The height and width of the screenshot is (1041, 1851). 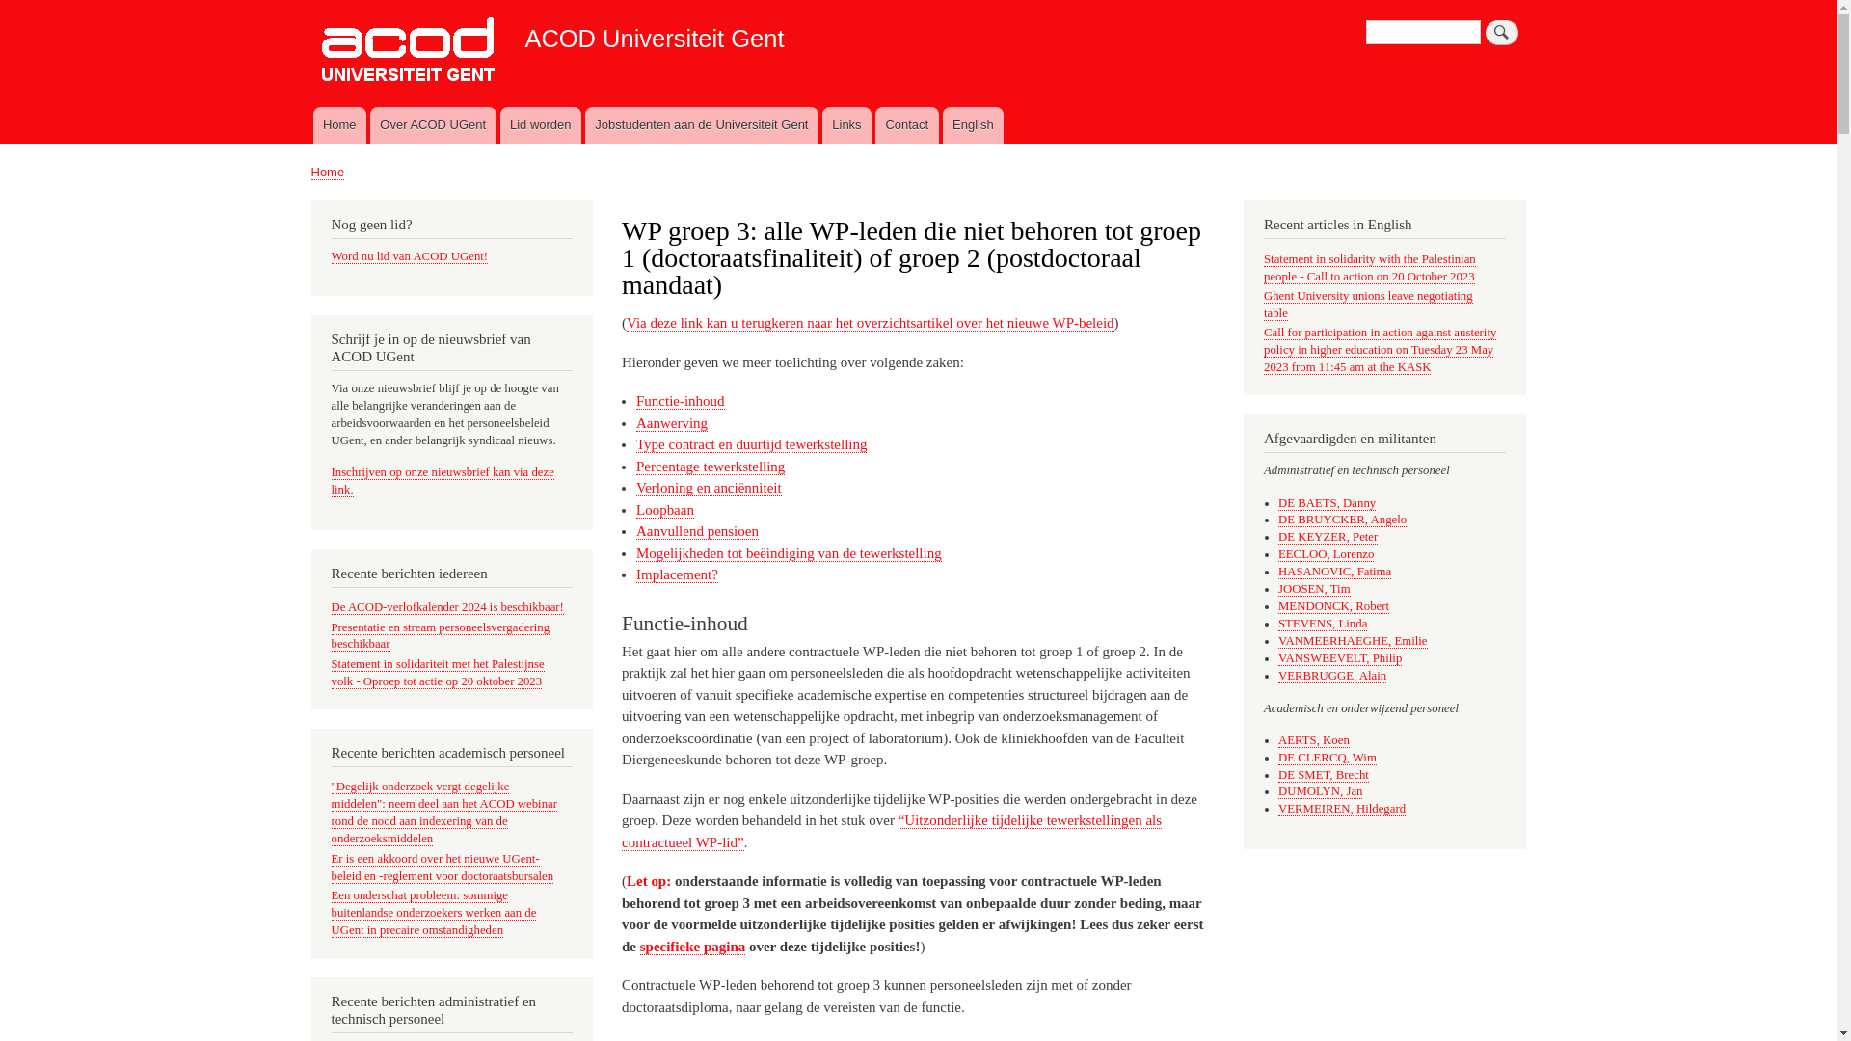 What do you see at coordinates (1501, 33) in the screenshot?
I see `'Search'` at bounding box center [1501, 33].